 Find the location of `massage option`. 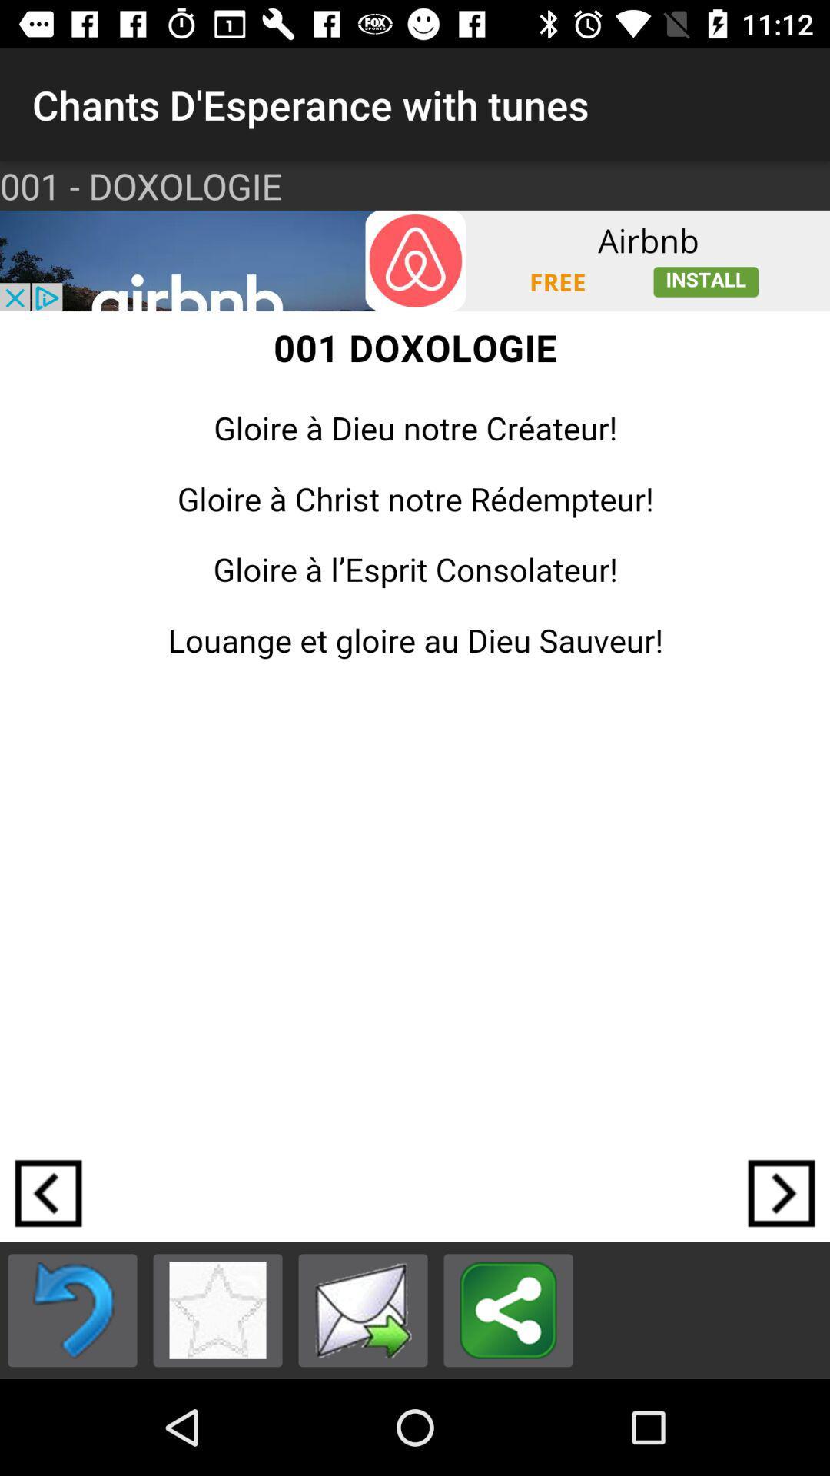

massage option is located at coordinates (363, 1309).